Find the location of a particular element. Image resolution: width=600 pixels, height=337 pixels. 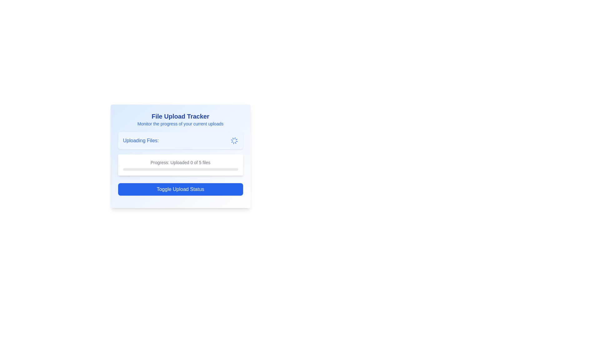

the rectangular button with a blue background and white text reading 'Toggle Upload Status' is located at coordinates (180, 189).